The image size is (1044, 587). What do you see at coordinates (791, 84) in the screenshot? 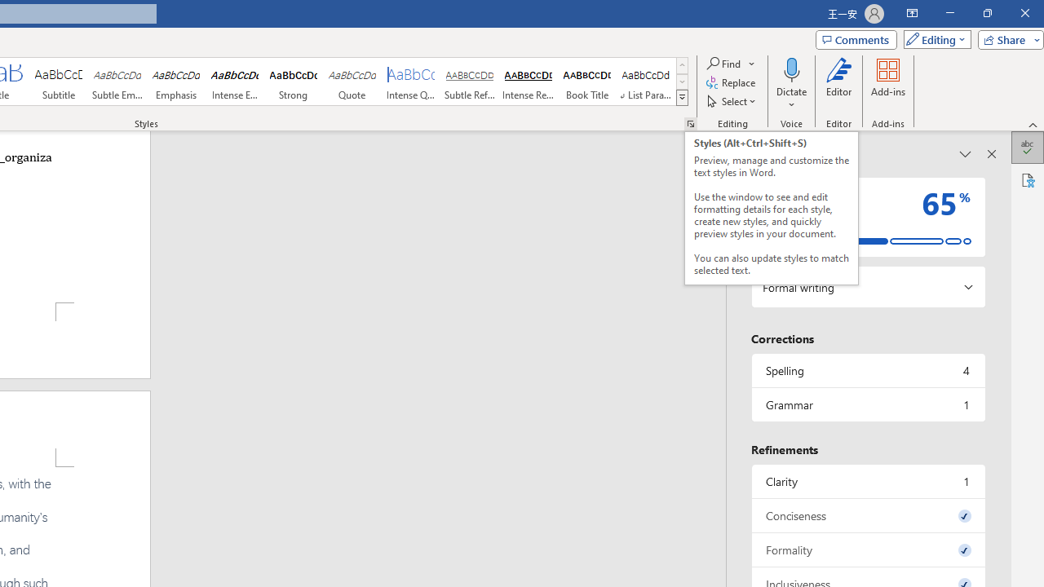
I see `'Dictate'` at bounding box center [791, 84].